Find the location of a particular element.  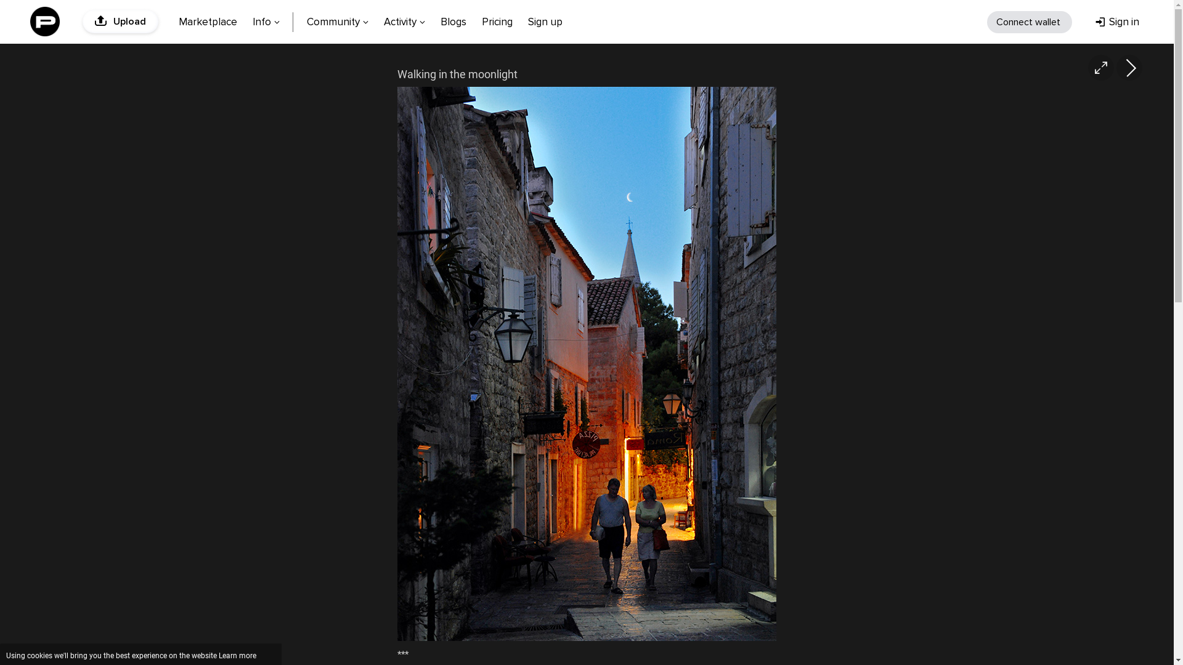

'Marketplace' is located at coordinates (208, 20).